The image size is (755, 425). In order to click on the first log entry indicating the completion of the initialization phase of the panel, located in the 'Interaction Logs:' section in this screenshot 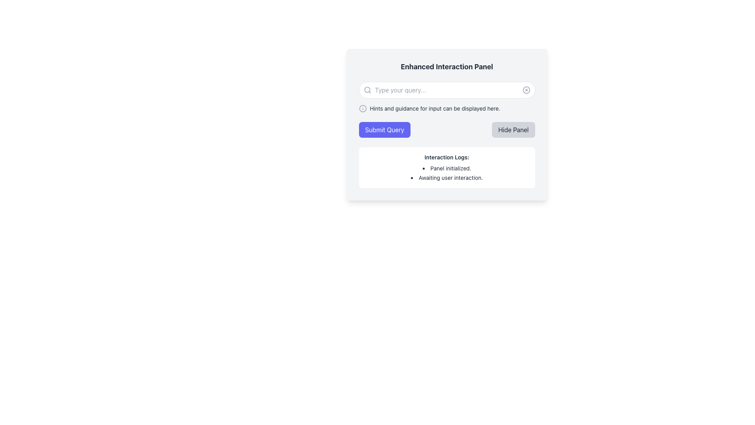, I will do `click(447, 168)`.